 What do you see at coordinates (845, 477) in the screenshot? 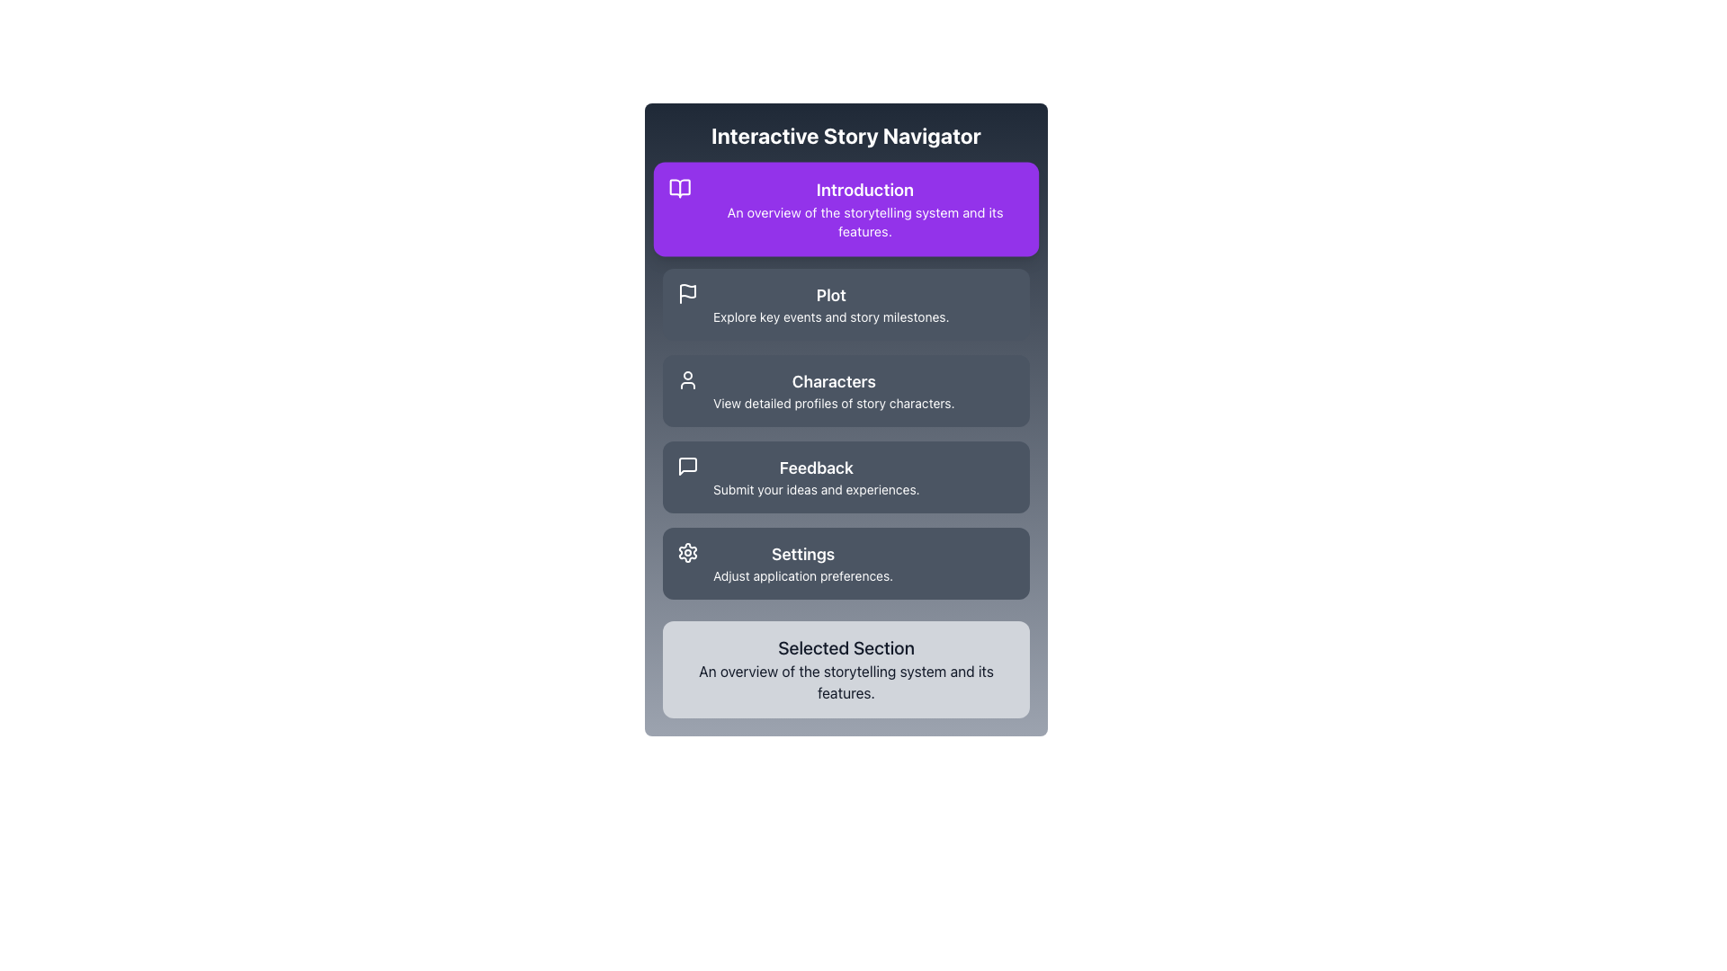
I see `the dark gray Feedback button, which has a speech bubble icon and text describing submission of ideas` at bounding box center [845, 477].